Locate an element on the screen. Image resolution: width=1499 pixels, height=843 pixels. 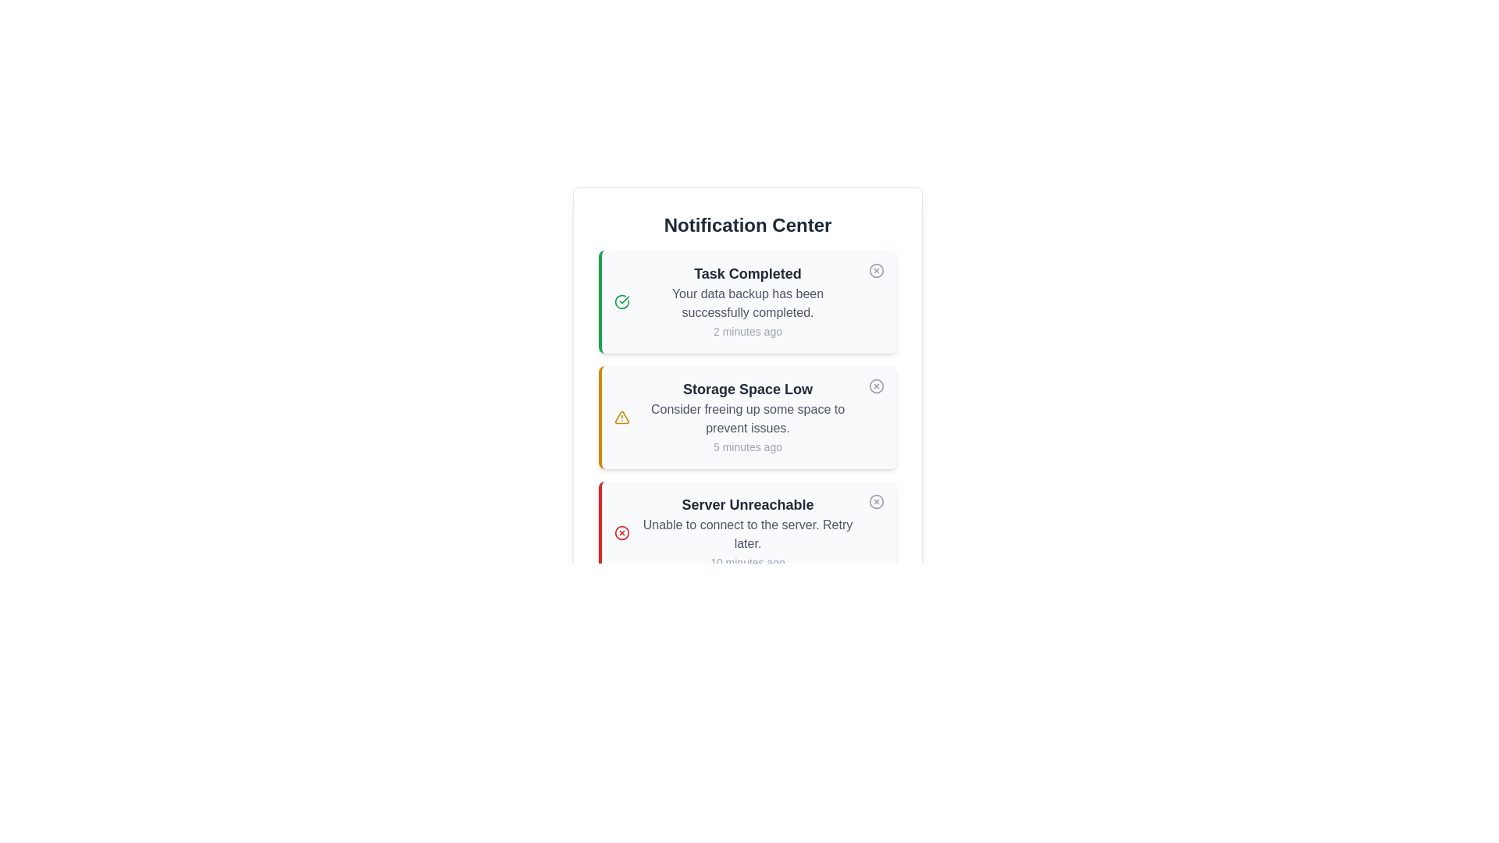
the circular icon button with an 'X' inside, located at the top-right corner of the 'Task Completed' notification card is located at coordinates (877, 270).